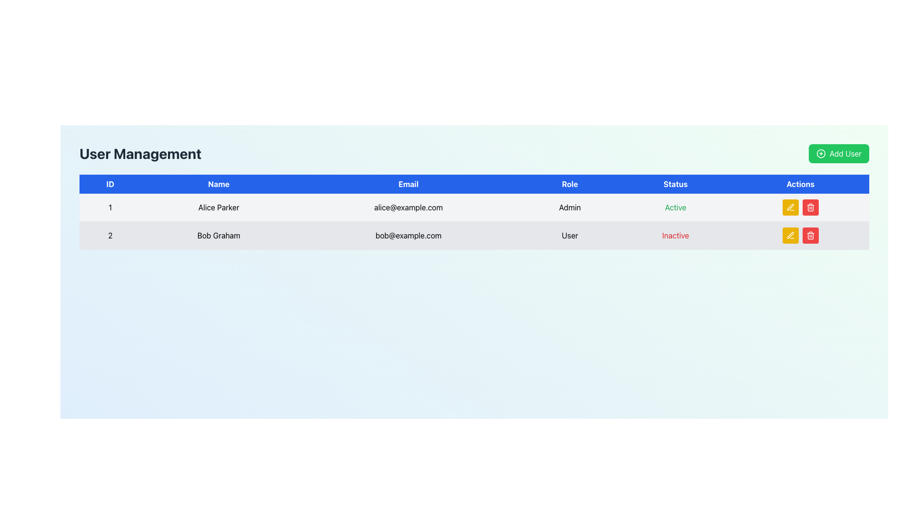 The width and height of the screenshot is (914, 514). I want to click on the pen icon button in the 'Actions' column of the second row for user 'Bob Graham', so click(790, 235).